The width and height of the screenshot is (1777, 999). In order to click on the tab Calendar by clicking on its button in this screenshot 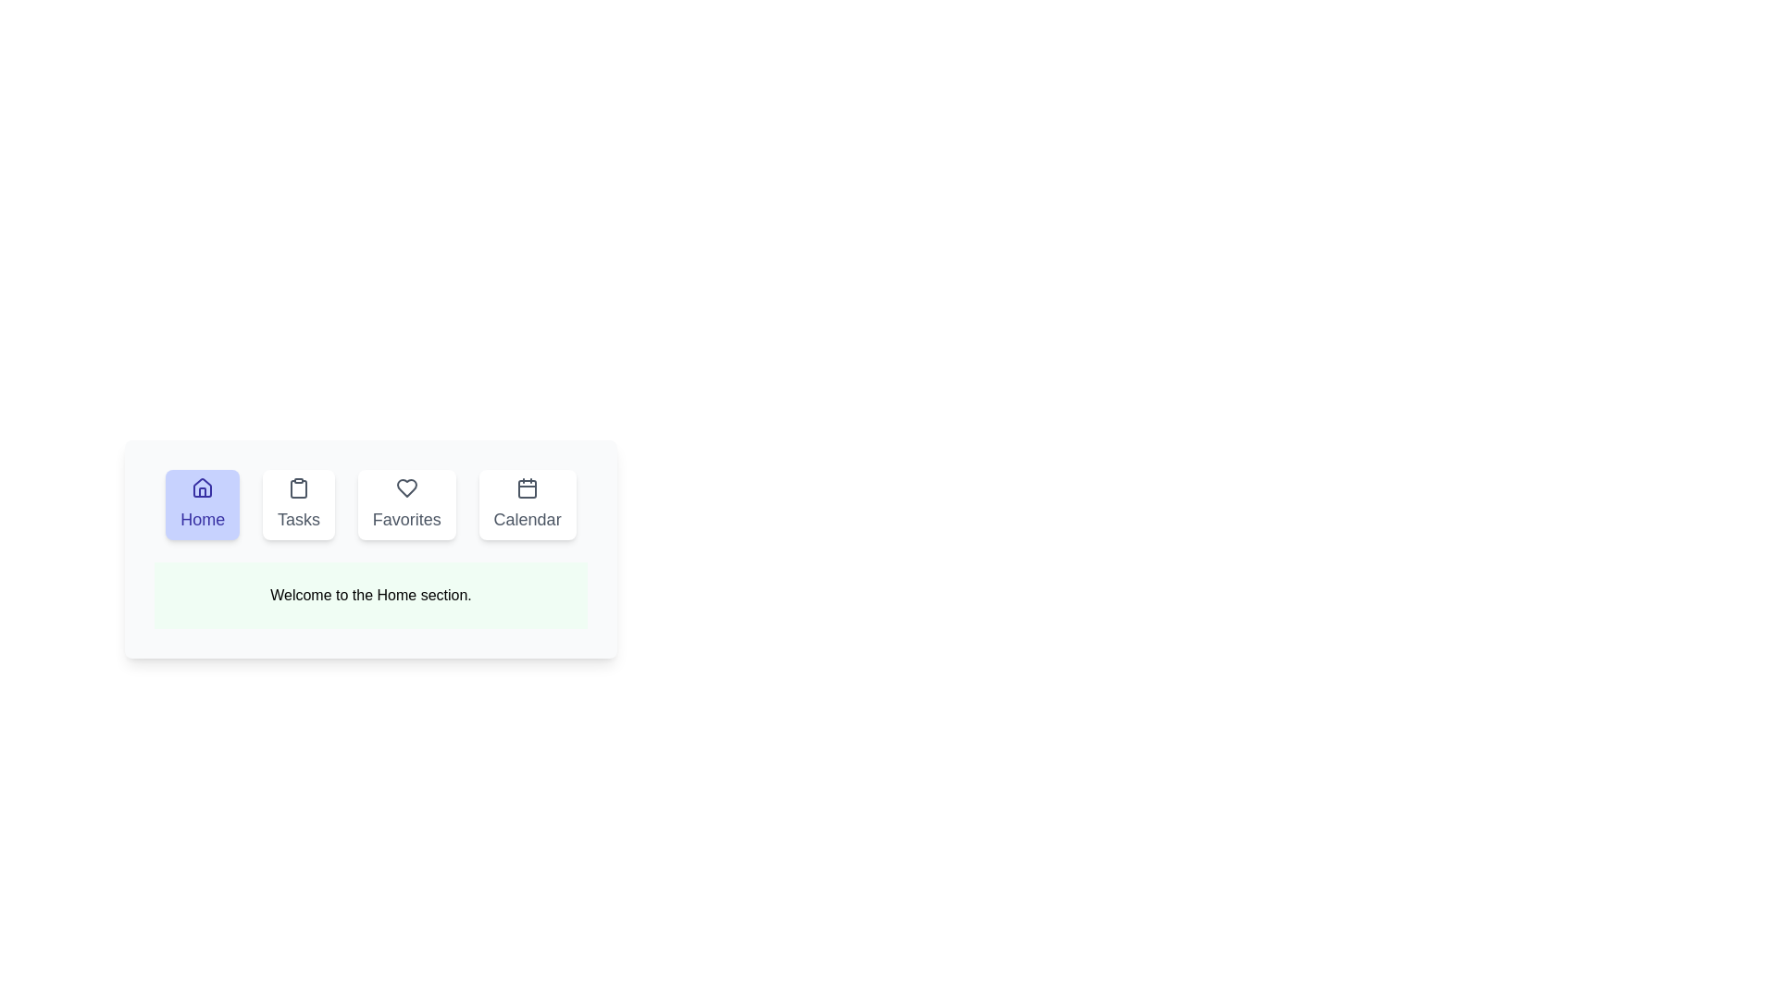, I will do `click(527, 505)`.